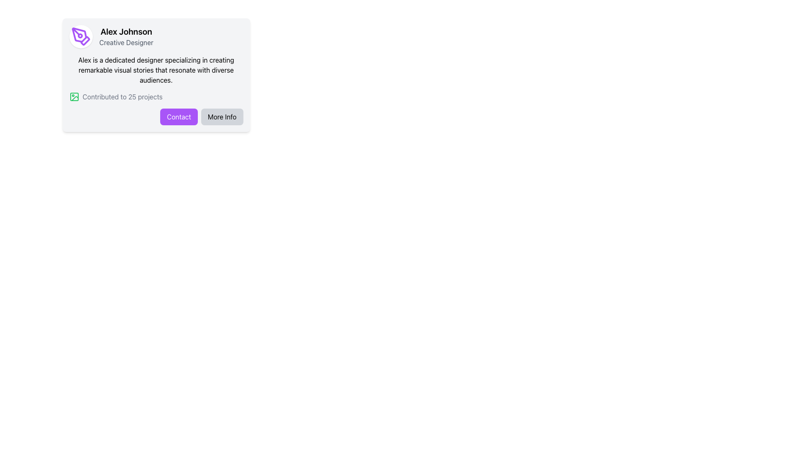  I want to click on the text in the Profile Header section of the card, so click(156, 36).